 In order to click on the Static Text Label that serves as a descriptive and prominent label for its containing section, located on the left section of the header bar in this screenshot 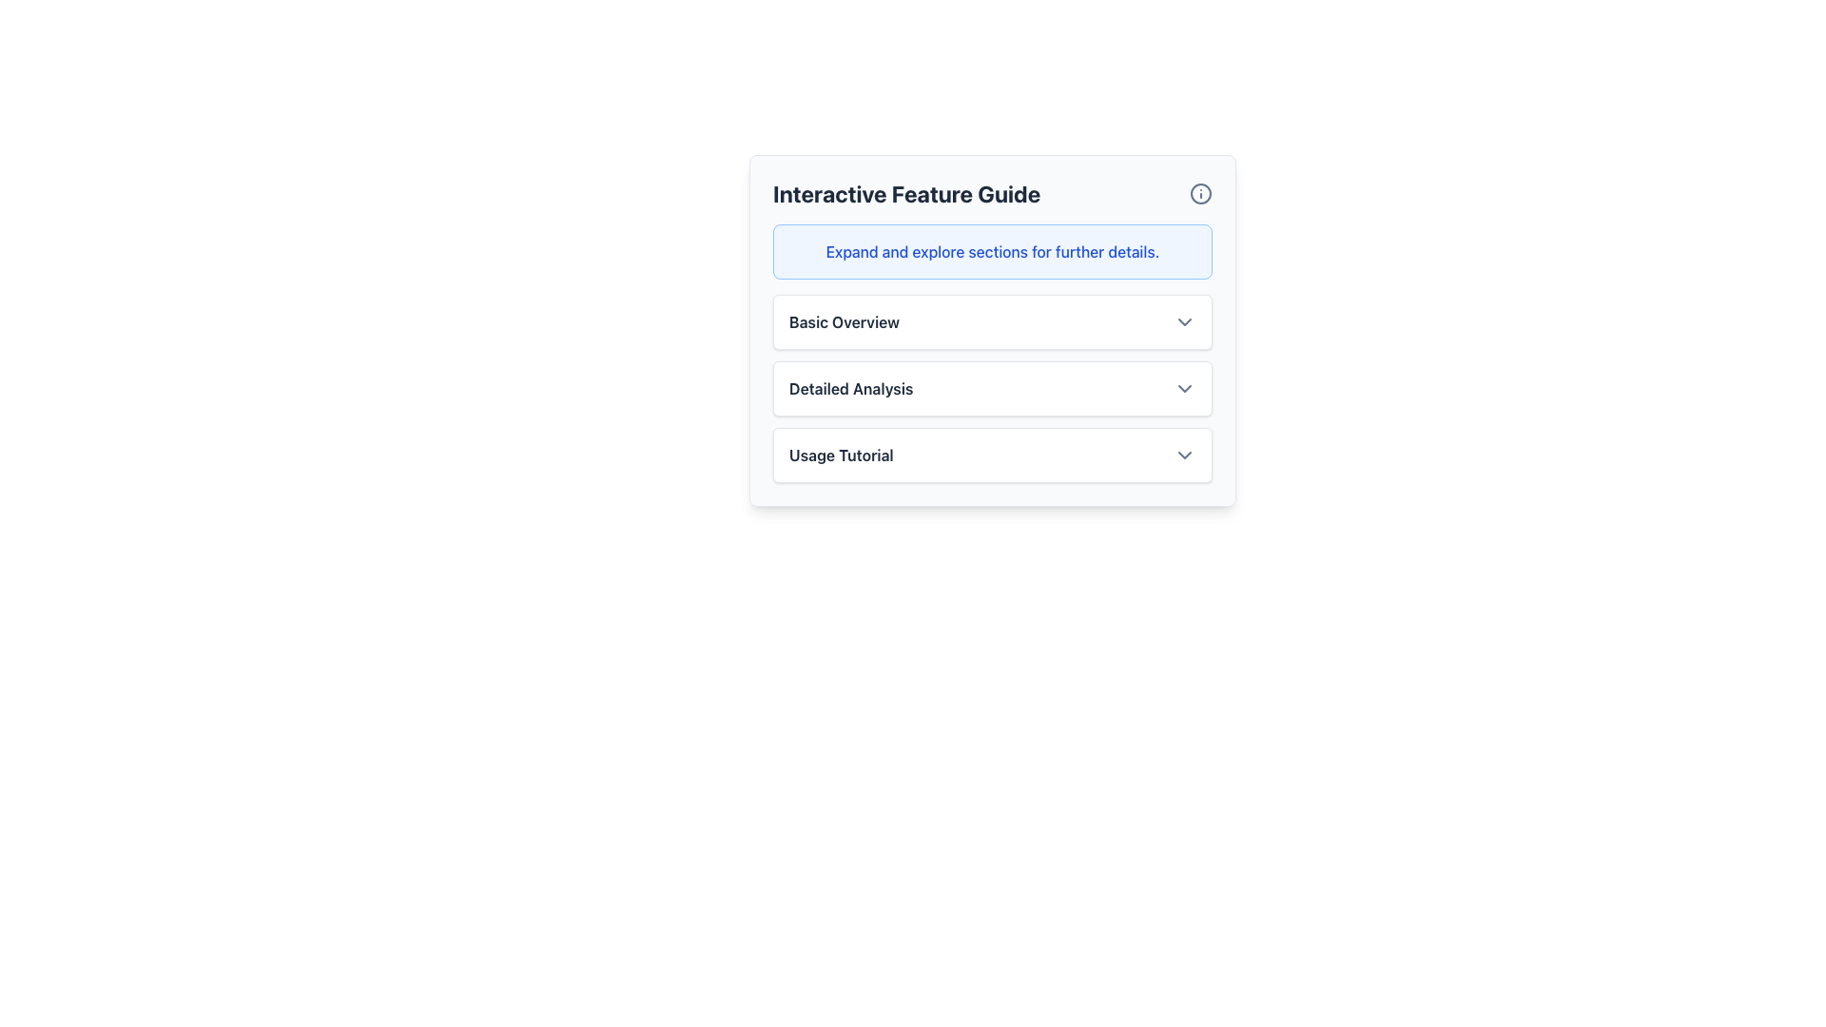, I will do `click(905, 194)`.